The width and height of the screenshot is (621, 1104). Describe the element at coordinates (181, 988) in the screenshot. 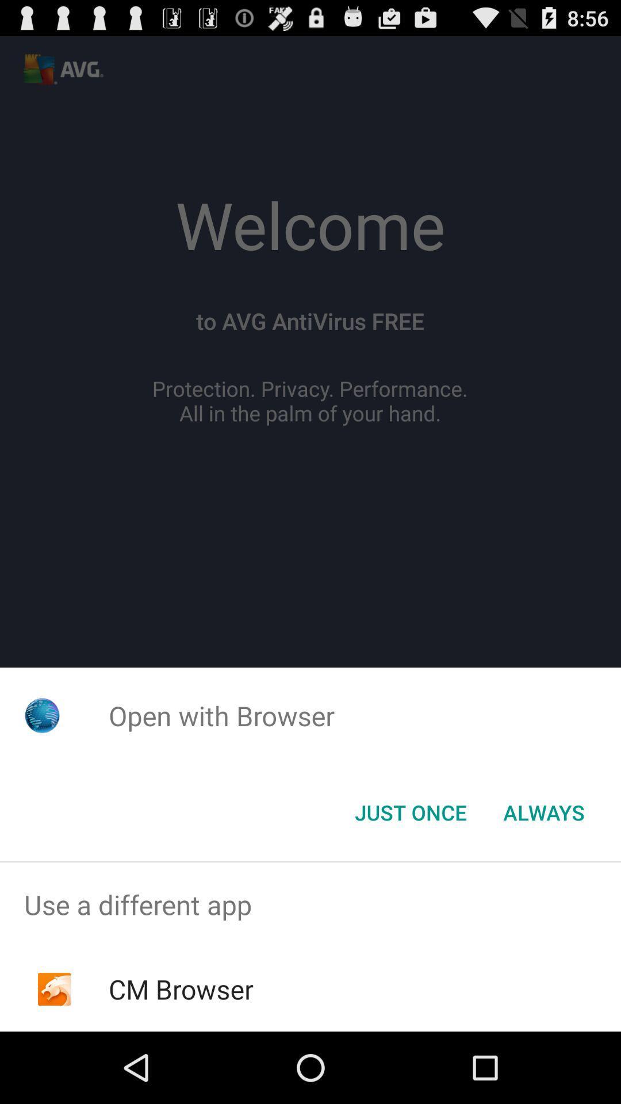

I see `the item below the use a different` at that location.